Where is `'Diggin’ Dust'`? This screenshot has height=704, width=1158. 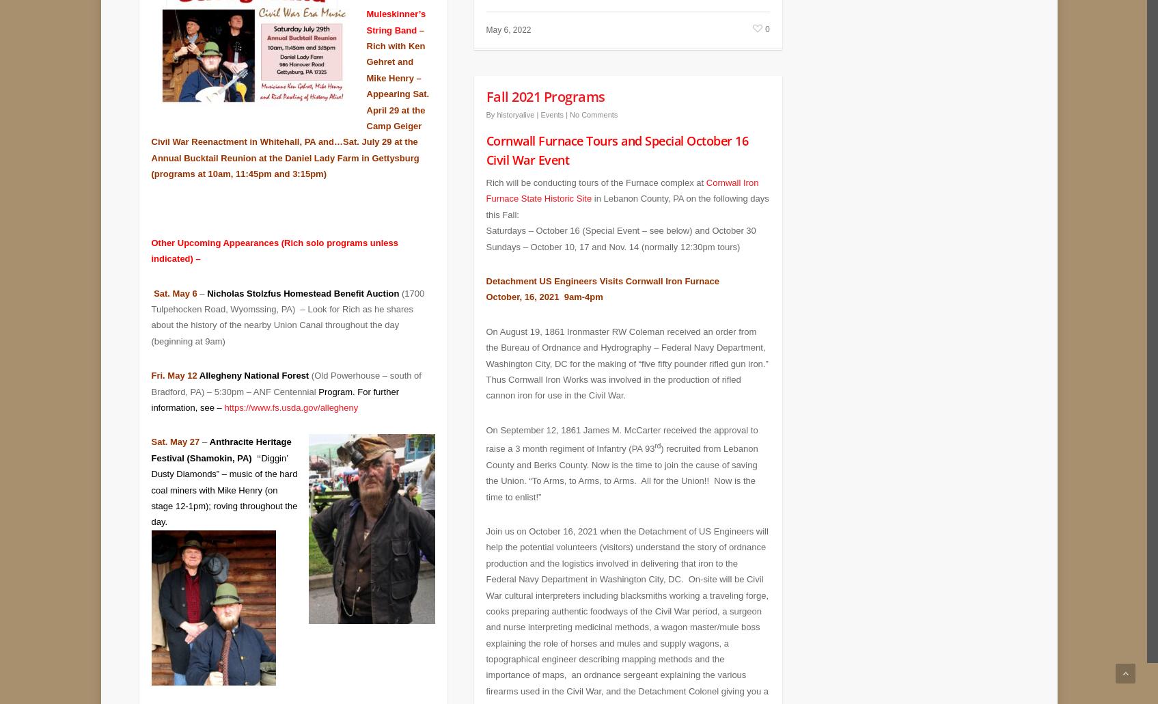 'Diggin’ Dust' is located at coordinates (219, 455).